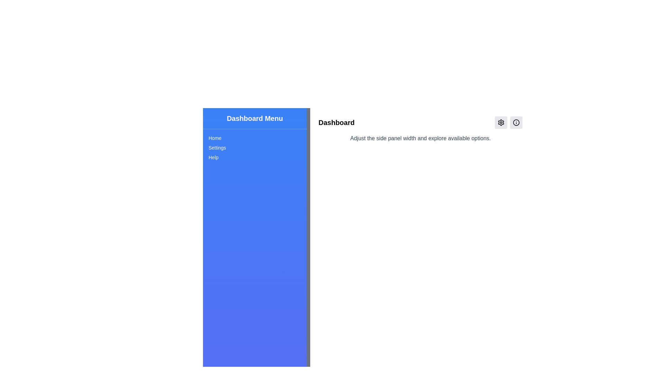 This screenshot has height=373, width=664. Describe the element at coordinates (255, 157) in the screenshot. I see `the third menu item in the vertical list of the side menu` at that location.